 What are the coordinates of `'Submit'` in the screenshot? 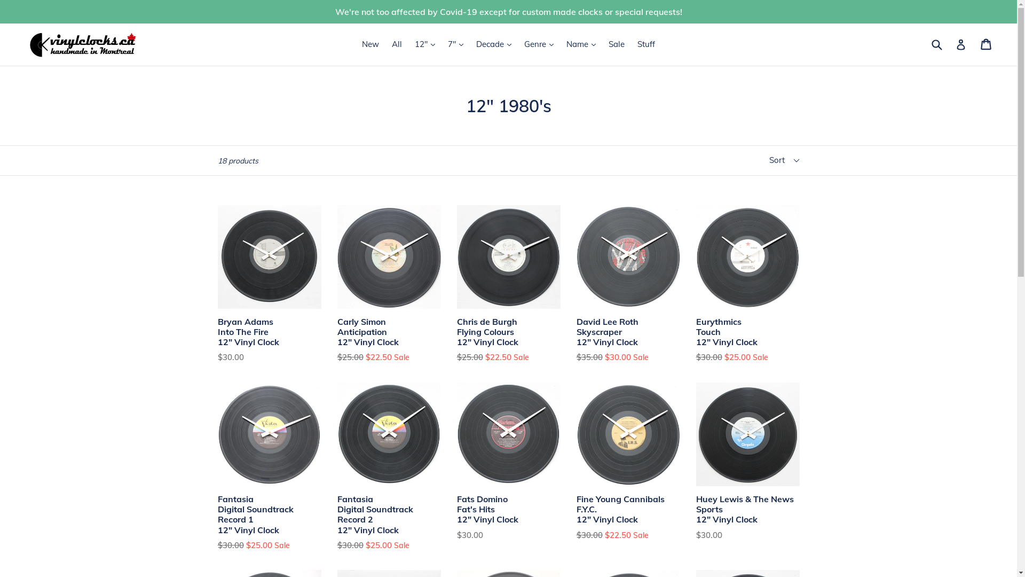 It's located at (935, 44).